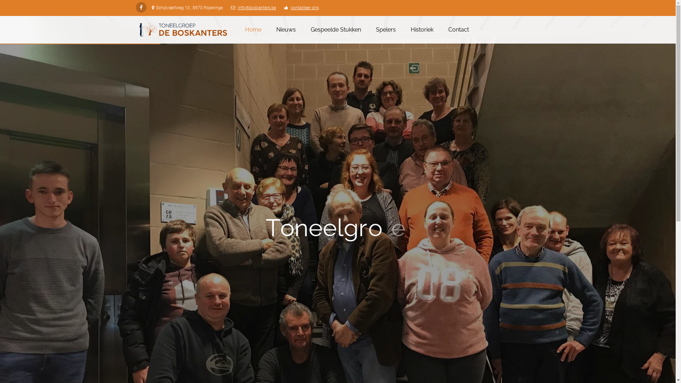  Describe the element at coordinates (270, 29) in the screenshot. I see `'Nieuws'` at that location.